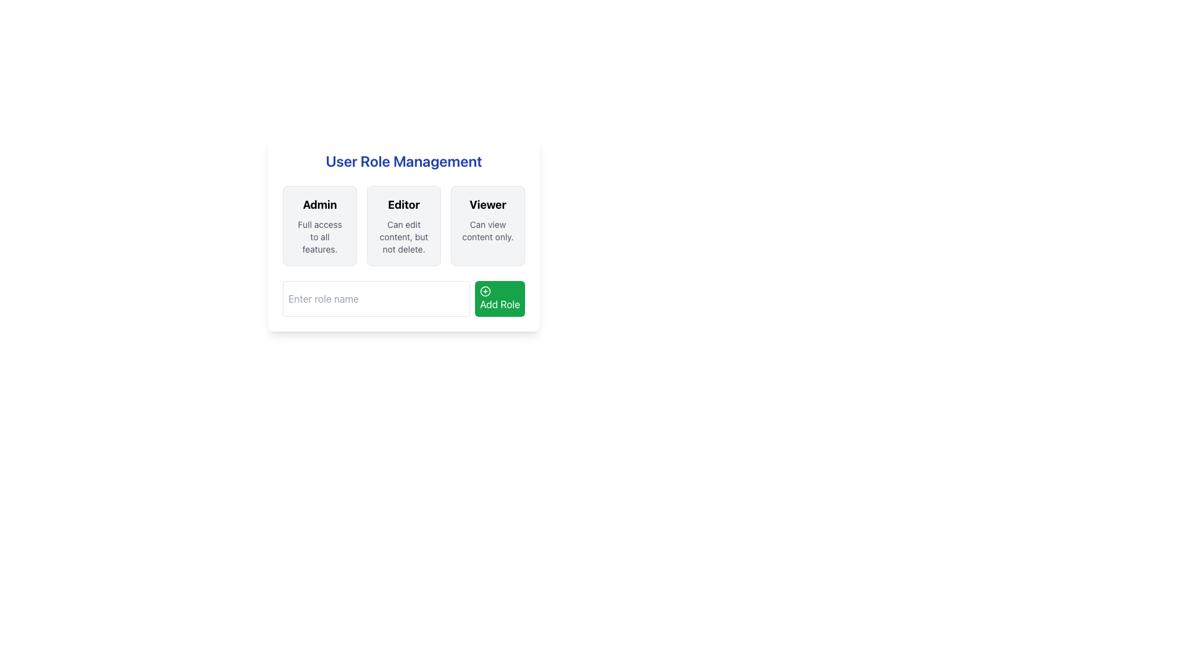  I want to click on the informational Text label that describes the capabilities of the 'Admin' role, located below the heading 'Admin' in the leftmost card of the 'User Role Management' section, so click(320, 237).